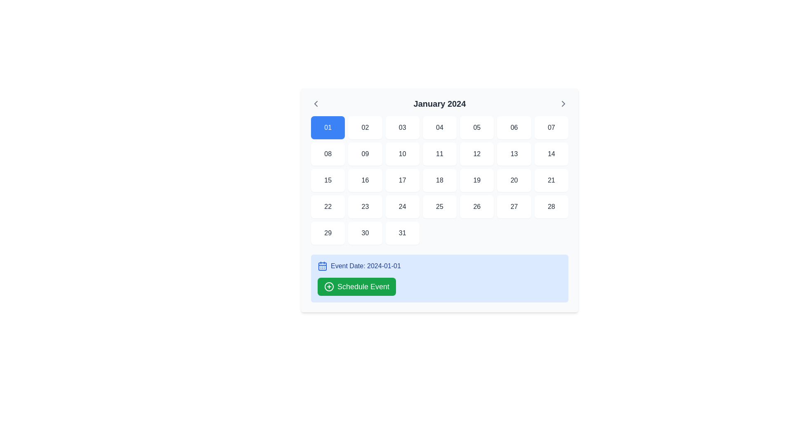 This screenshot has height=445, width=792. What do you see at coordinates (316, 103) in the screenshot?
I see `the left-pointing chevron icon in the navigation bar next to the 'January 2024' date label` at bounding box center [316, 103].